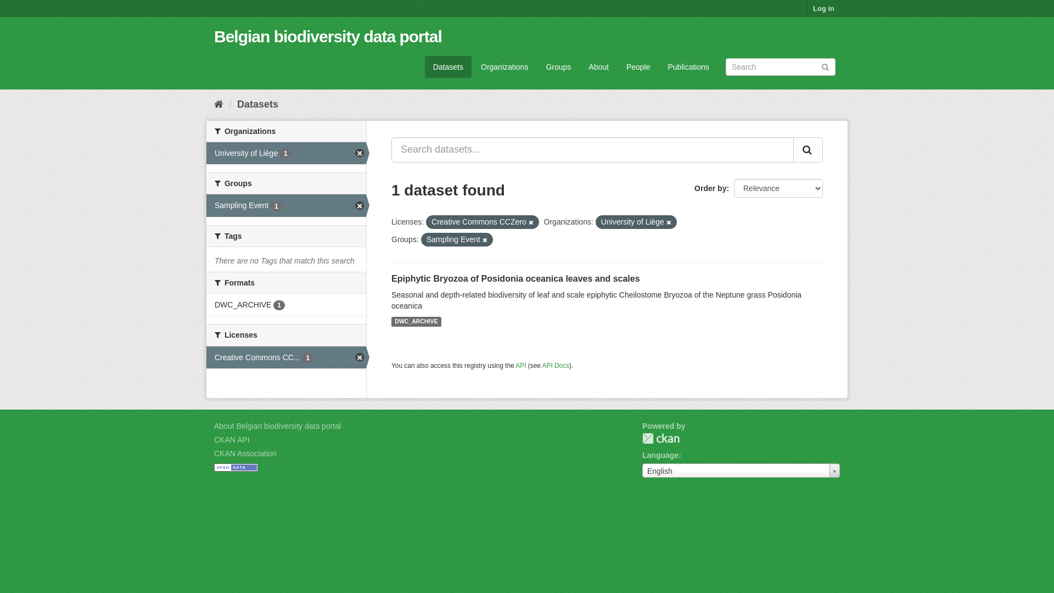 This screenshot has width=1054, height=593. I want to click on 'CKAN', so click(642, 438).